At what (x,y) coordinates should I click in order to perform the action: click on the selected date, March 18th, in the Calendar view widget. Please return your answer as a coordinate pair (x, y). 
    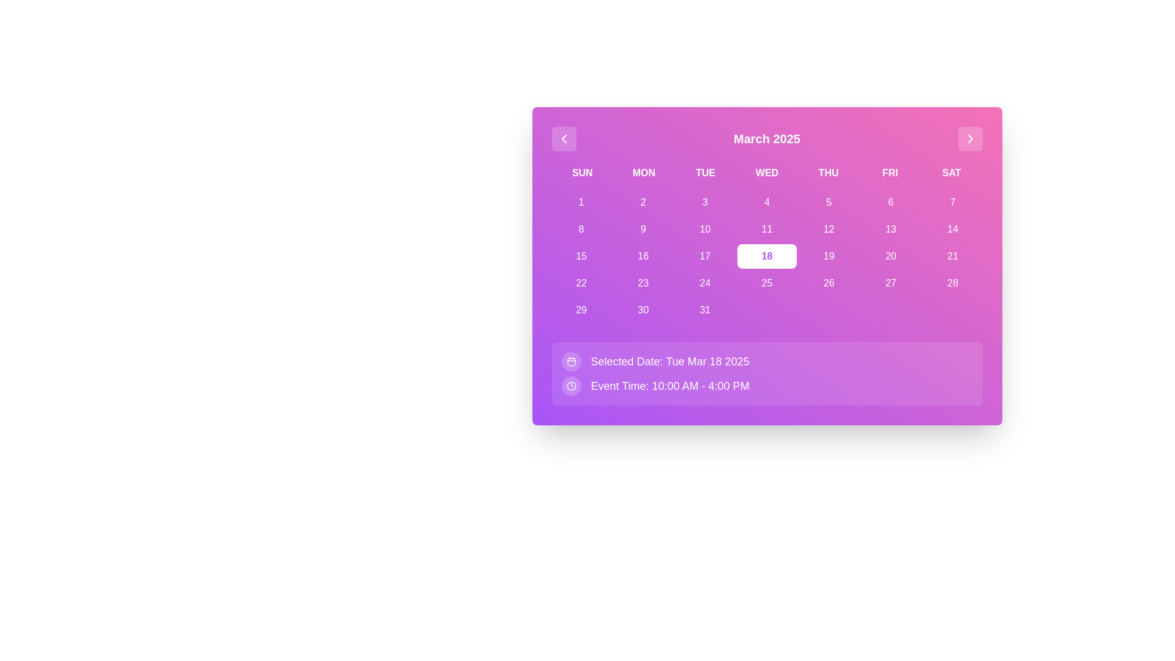
    Looking at the image, I should click on (766, 266).